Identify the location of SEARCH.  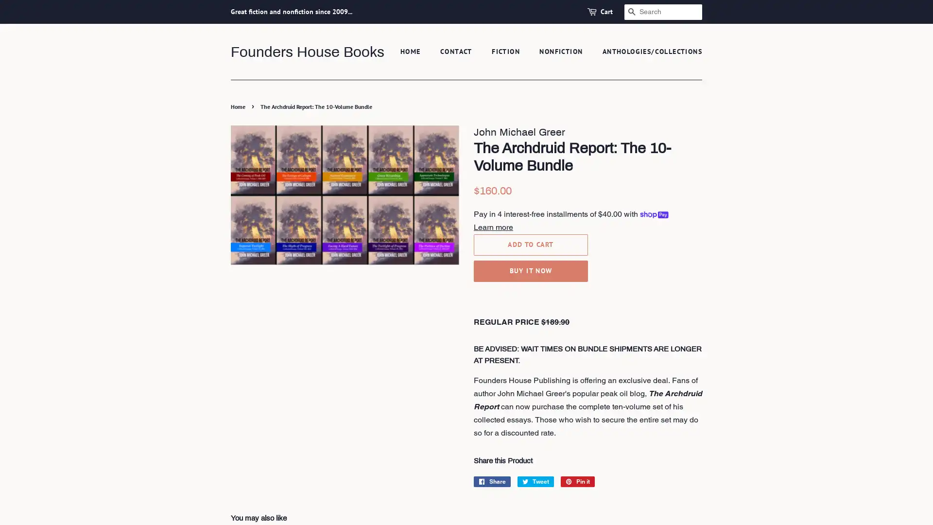
(632, 12).